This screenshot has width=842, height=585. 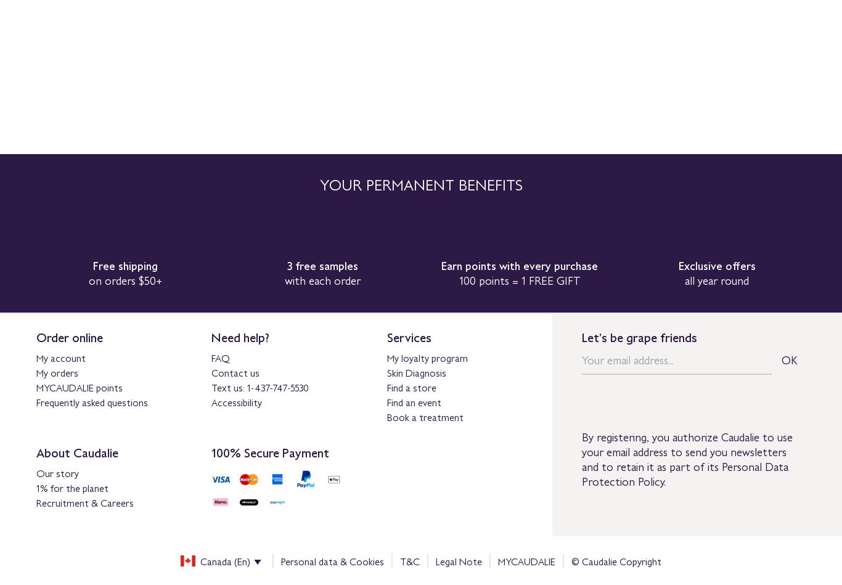 What do you see at coordinates (319, 183) in the screenshot?
I see `'YOUR PERMANENT BENEFITS'` at bounding box center [319, 183].